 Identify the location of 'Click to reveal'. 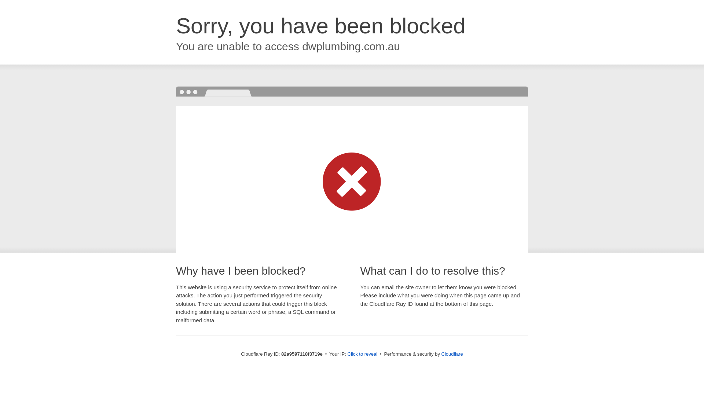
(362, 353).